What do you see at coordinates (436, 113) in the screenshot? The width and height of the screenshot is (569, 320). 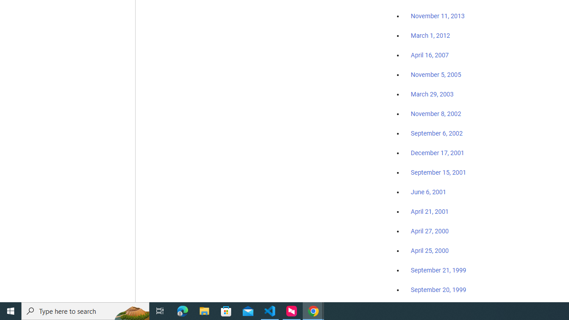 I see `'November 8, 2002'` at bounding box center [436, 113].